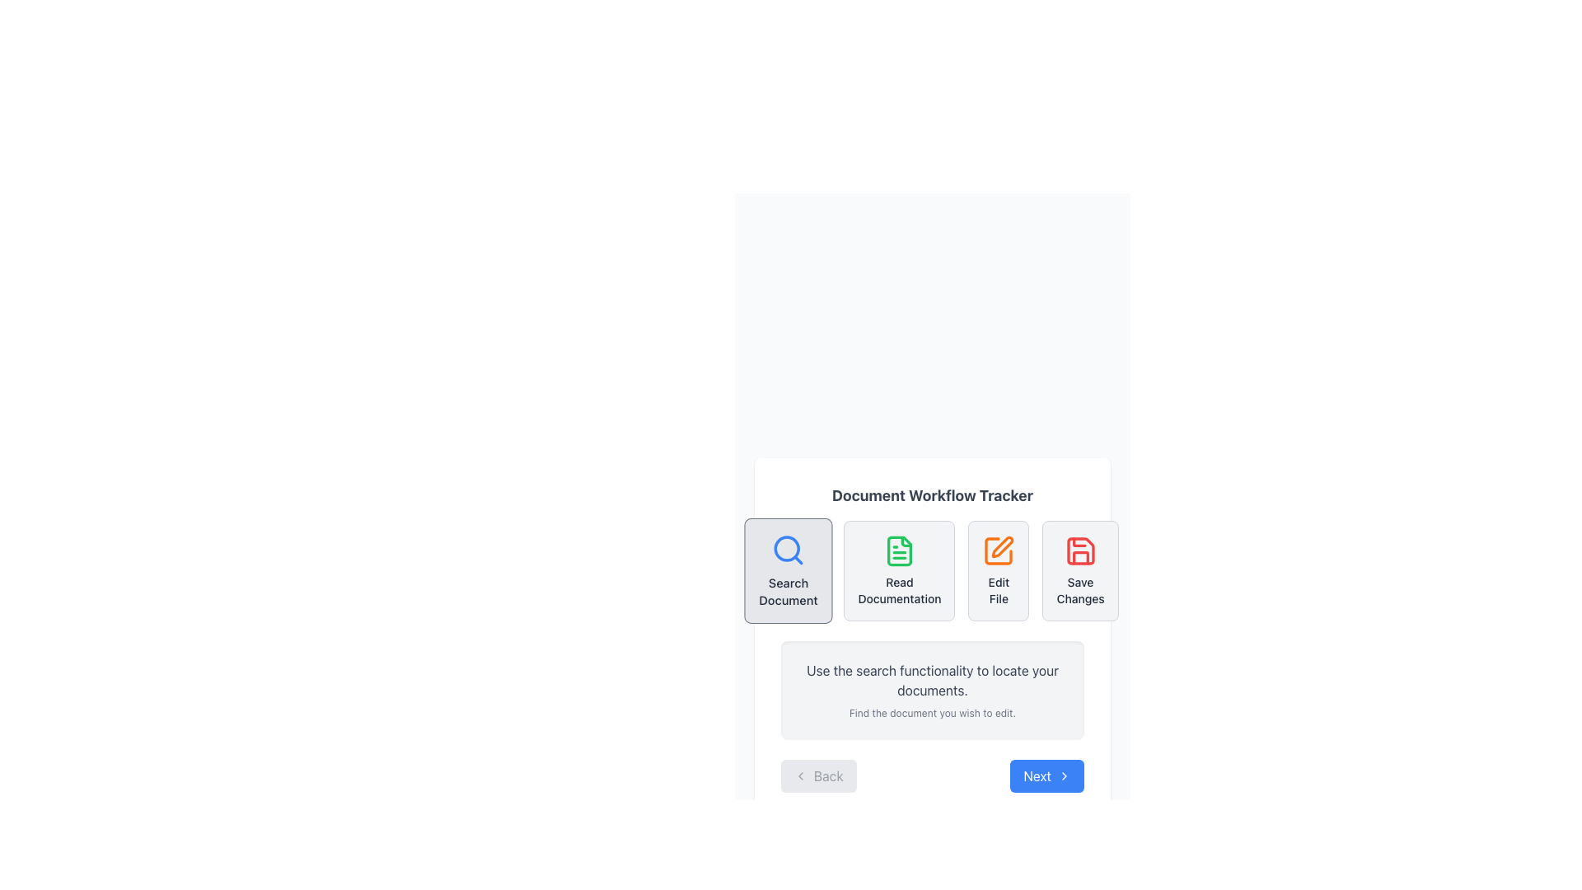 The image size is (1582, 890). Describe the element at coordinates (933, 690) in the screenshot. I see `instructions in the informational text block located below the row of icons for 'Search Document', 'Read Documentation', 'Edit File', and 'Save Changes', and above the navigation buttons 'Back' and 'Next'` at that location.